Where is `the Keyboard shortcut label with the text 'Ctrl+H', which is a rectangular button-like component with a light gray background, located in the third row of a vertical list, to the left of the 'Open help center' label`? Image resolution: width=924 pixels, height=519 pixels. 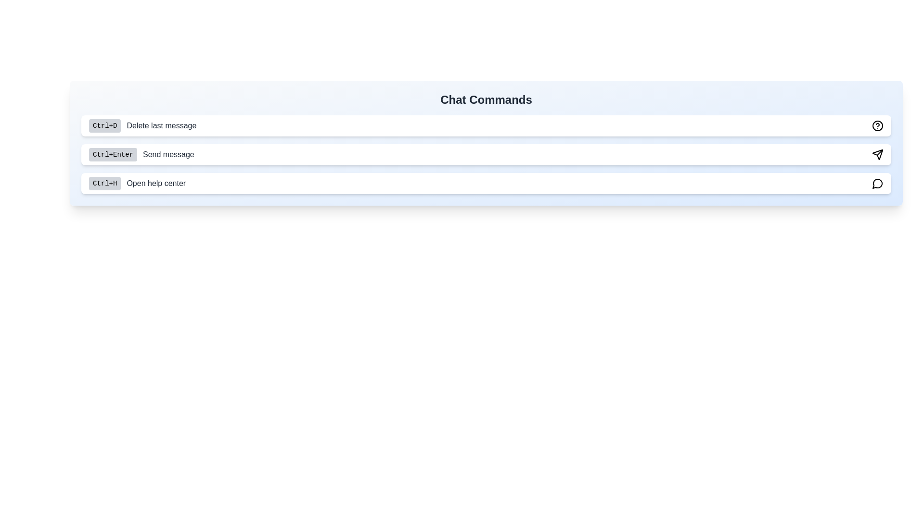
the Keyboard shortcut label with the text 'Ctrl+H', which is a rectangular button-like component with a light gray background, located in the third row of a vertical list, to the left of the 'Open help center' label is located at coordinates (105, 183).